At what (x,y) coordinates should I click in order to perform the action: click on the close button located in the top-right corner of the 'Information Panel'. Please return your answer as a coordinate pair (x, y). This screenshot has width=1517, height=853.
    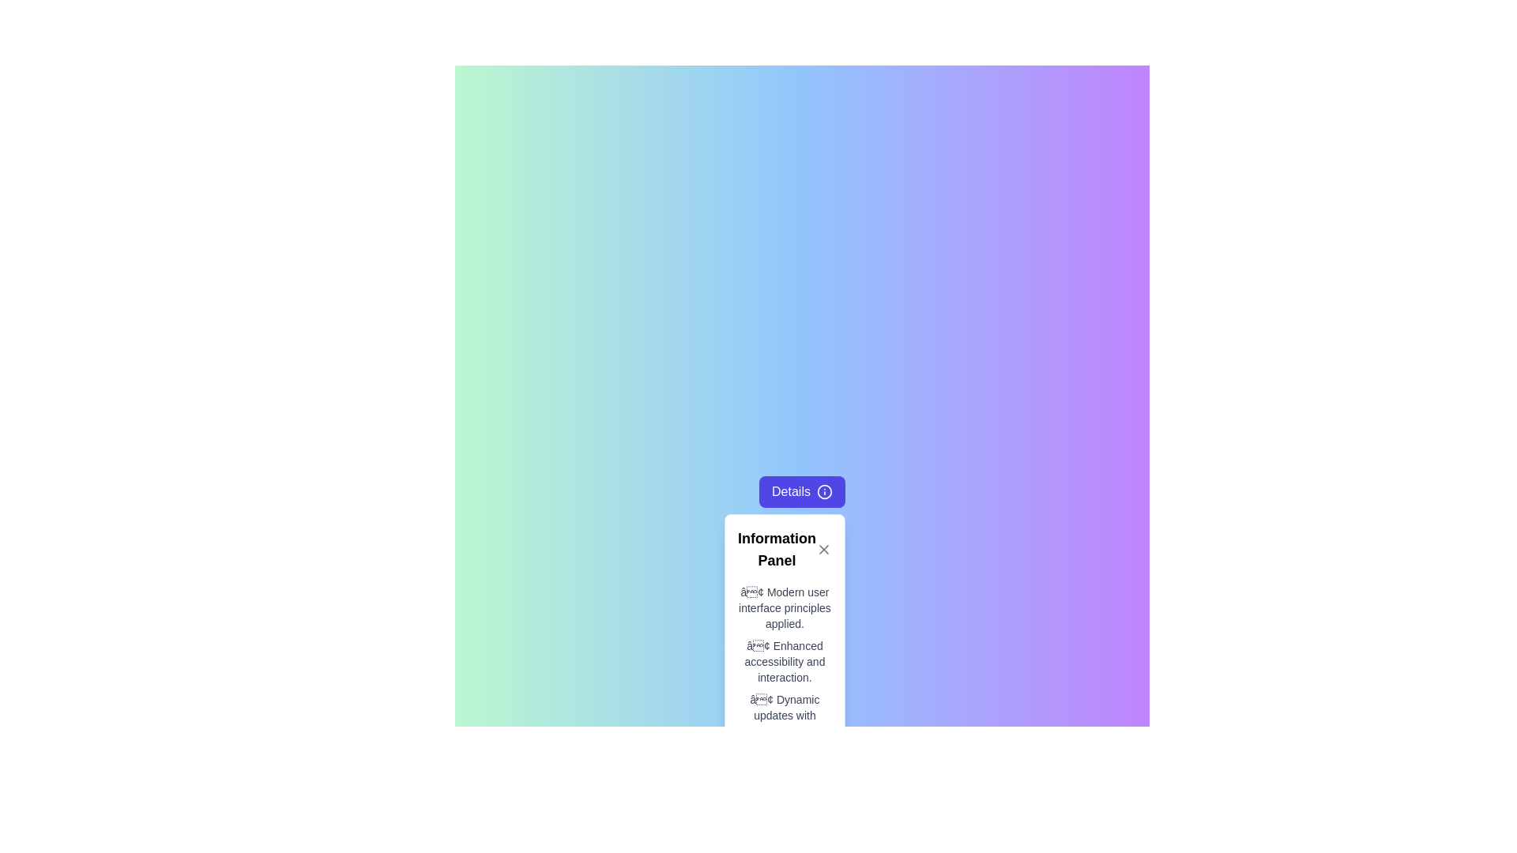
    Looking at the image, I should click on (822, 548).